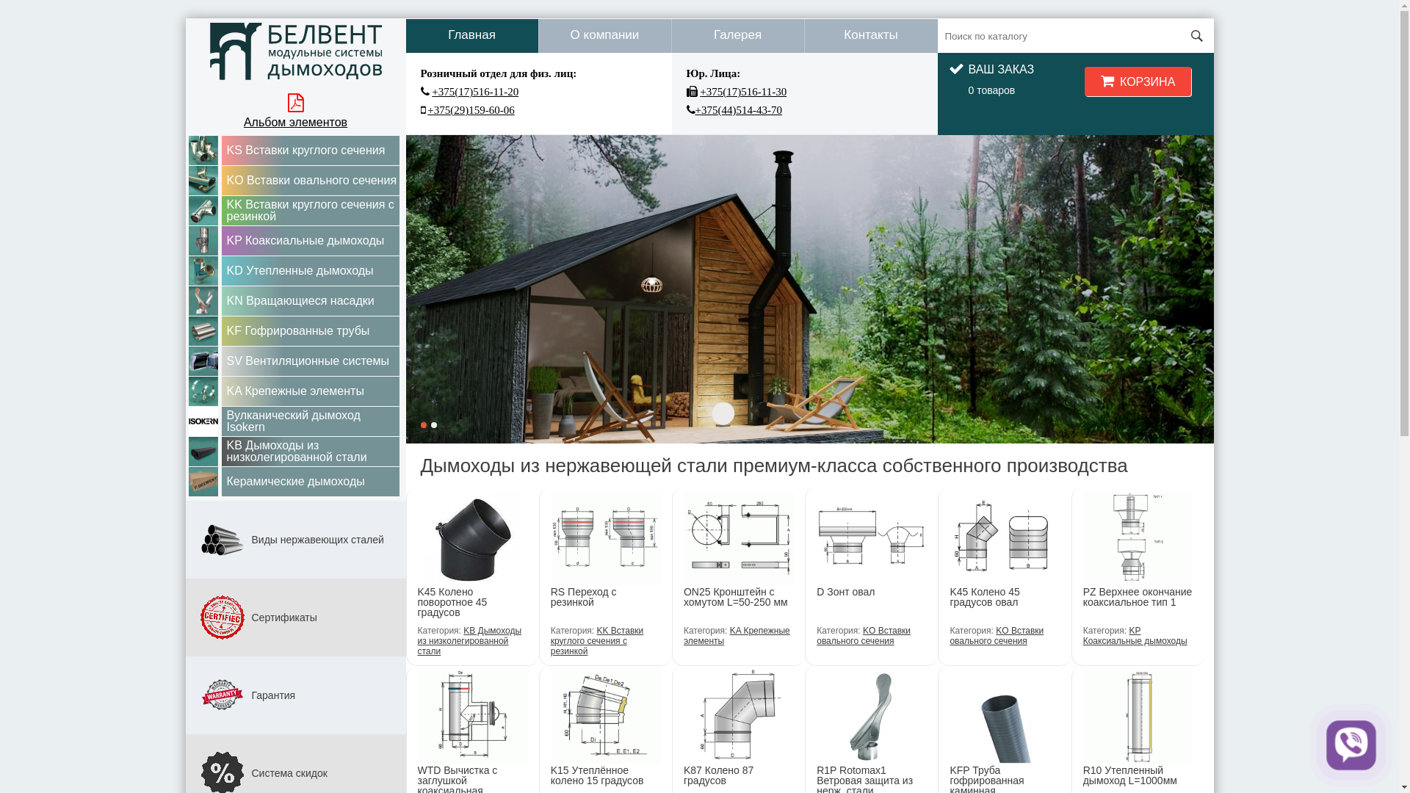 The width and height of the screenshot is (1410, 793). Describe the element at coordinates (422, 424) in the screenshot. I see `'1'` at that location.